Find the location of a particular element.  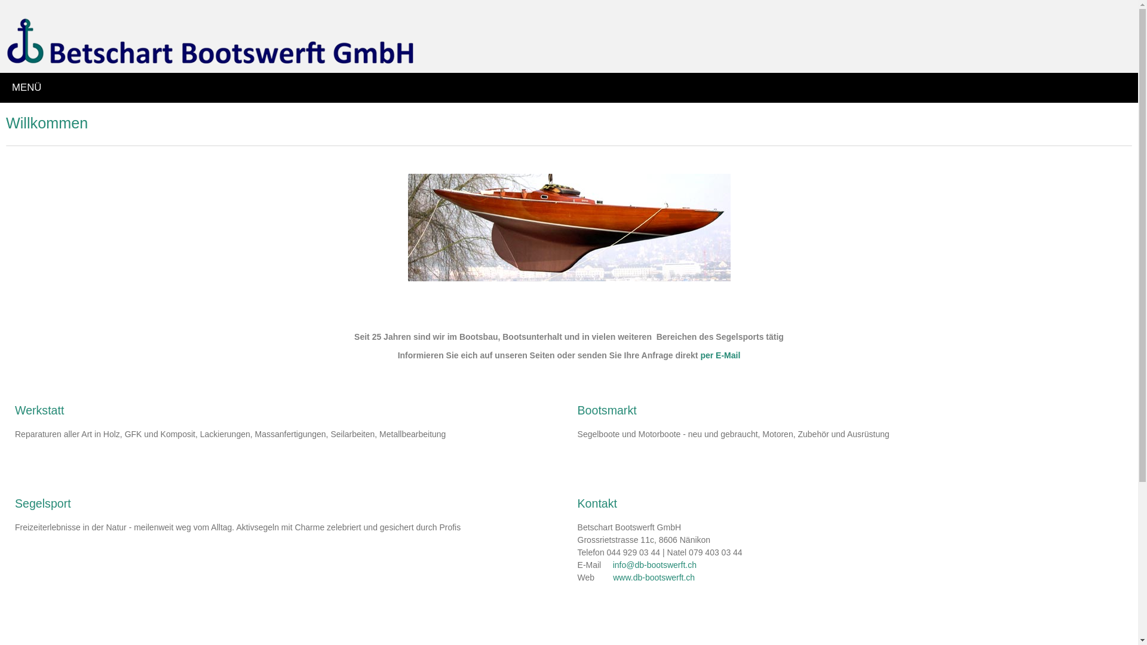

'Werkstatt' is located at coordinates (39, 409).